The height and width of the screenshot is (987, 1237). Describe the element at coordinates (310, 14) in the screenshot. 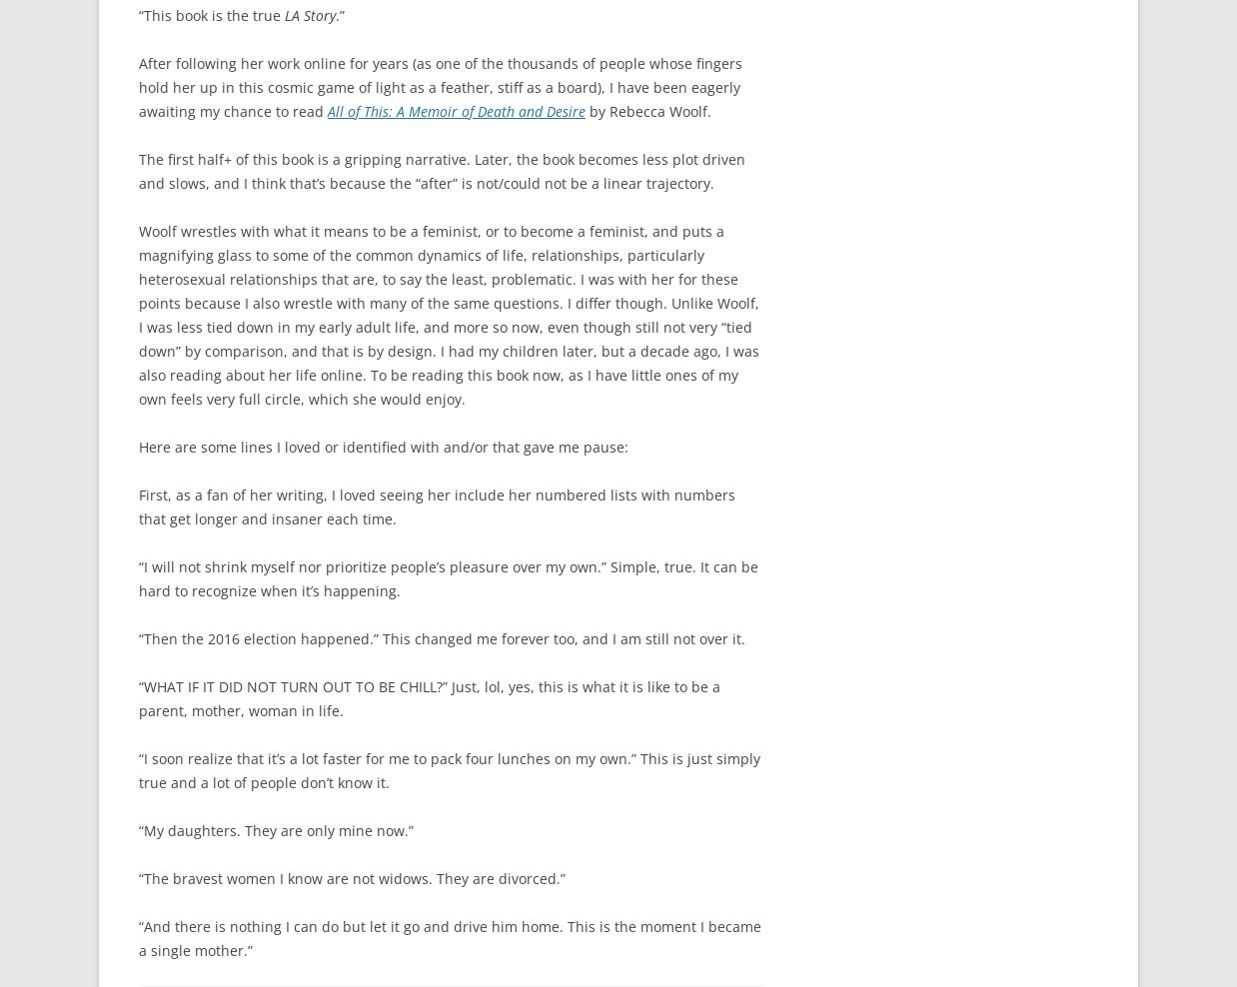

I see `'LA Story'` at that location.